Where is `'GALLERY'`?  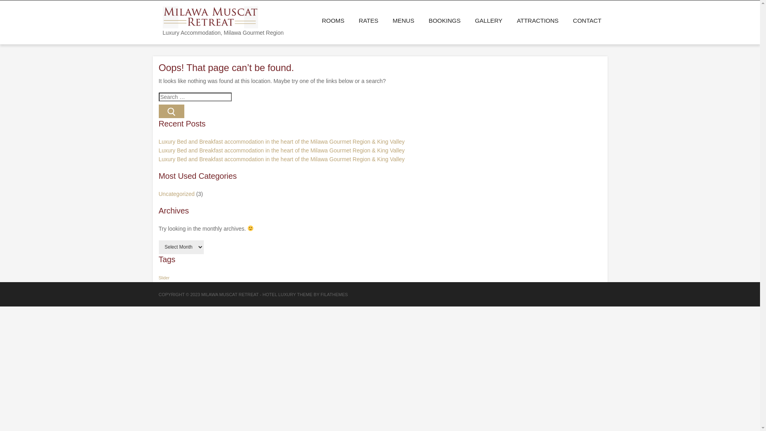
'GALLERY' is located at coordinates (488, 20).